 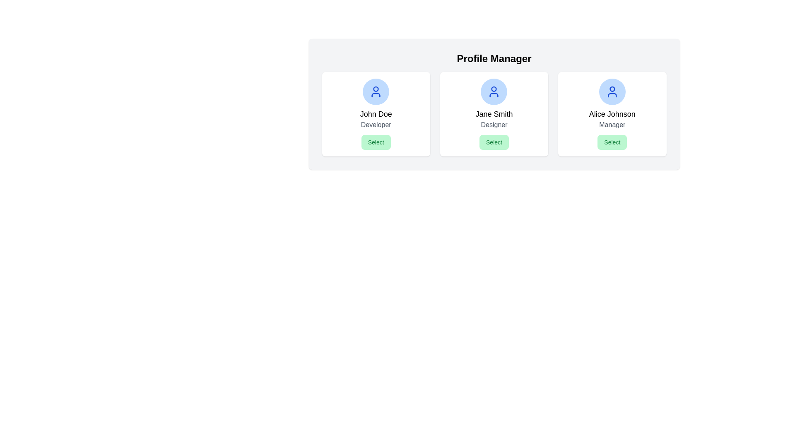 I want to click on the 'Manager' text label that describes 'Alice Johnson' in the rightmost card, positioned above the 'Select' button, so click(x=612, y=125).